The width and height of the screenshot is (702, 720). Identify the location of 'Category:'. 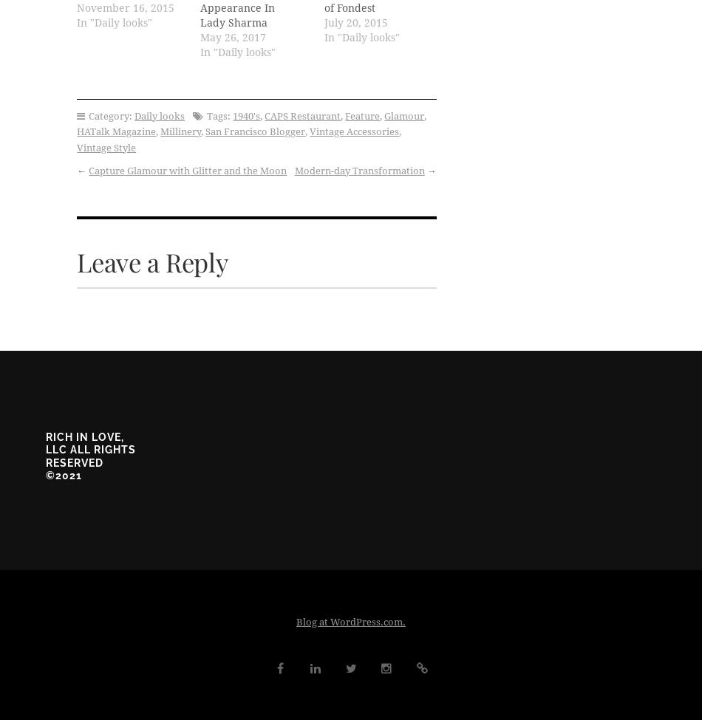
(110, 114).